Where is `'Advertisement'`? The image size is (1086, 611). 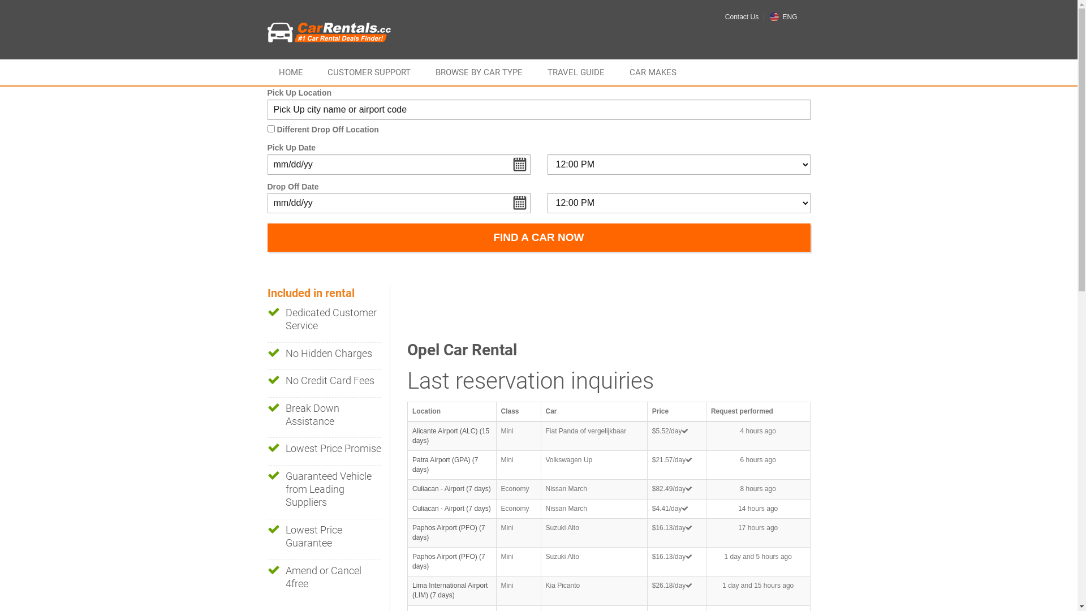
'Advertisement' is located at coordinates (613, 311).